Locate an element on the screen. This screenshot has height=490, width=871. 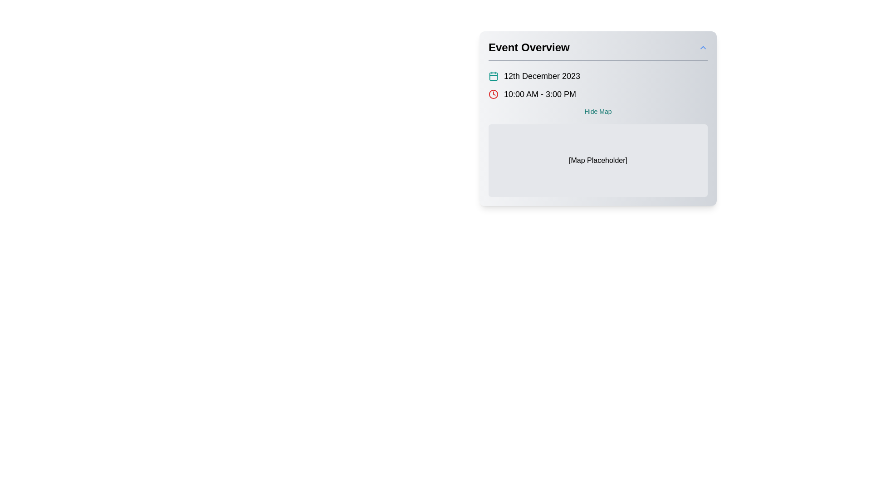
the red clock icon with circular border and clock hands located next to the text '10:00 AM - 3:00 PM' under the 'Event Overview' section is located at coordinates (493, 94).